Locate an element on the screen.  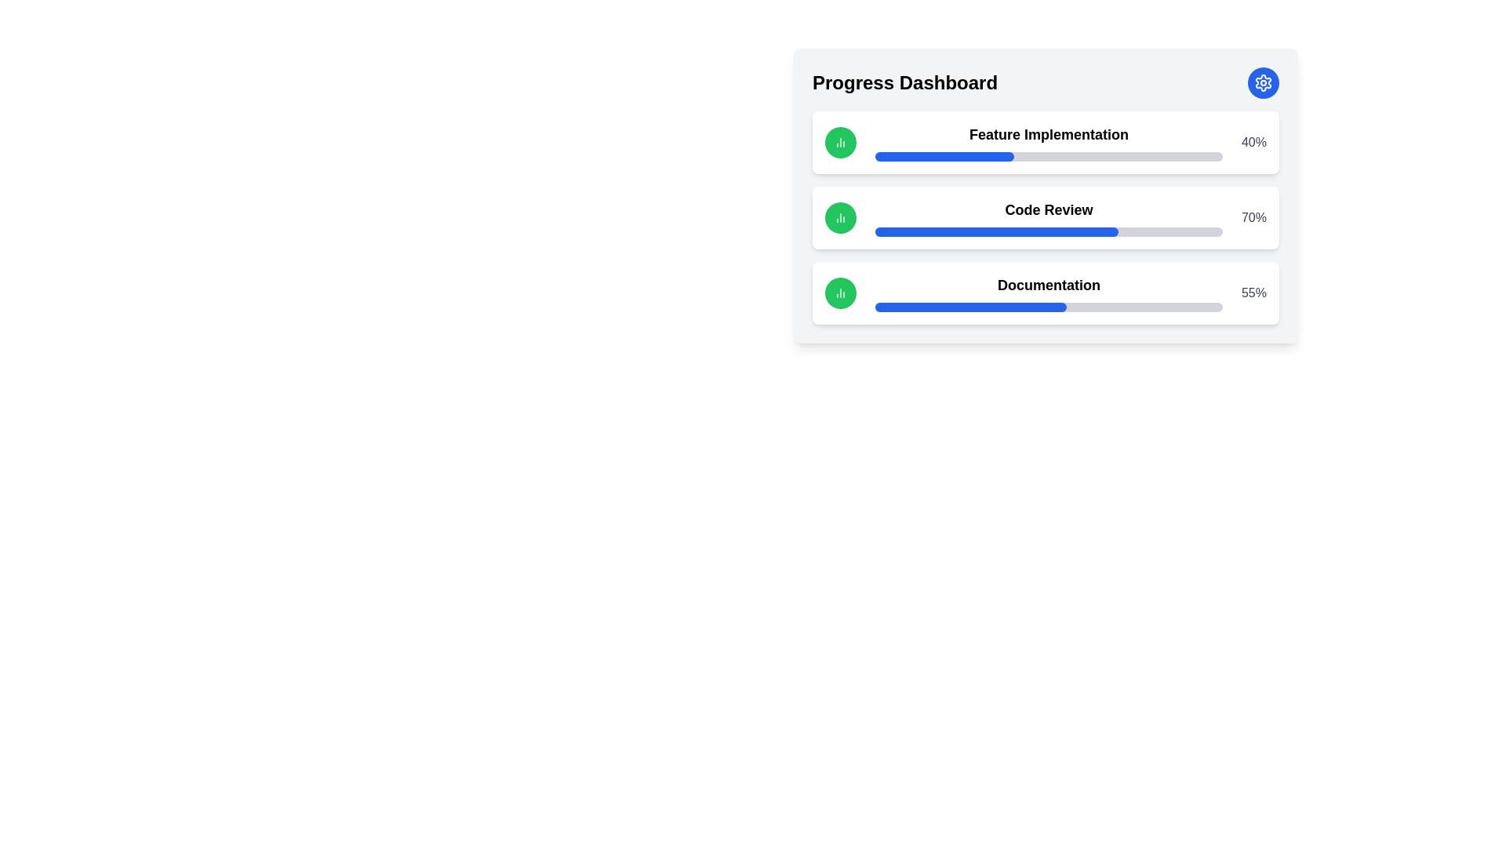
the blue progress bar representing 40% of the total width within the 'Feature Implementation' progress tracker area is located at coordinates (944, 157).